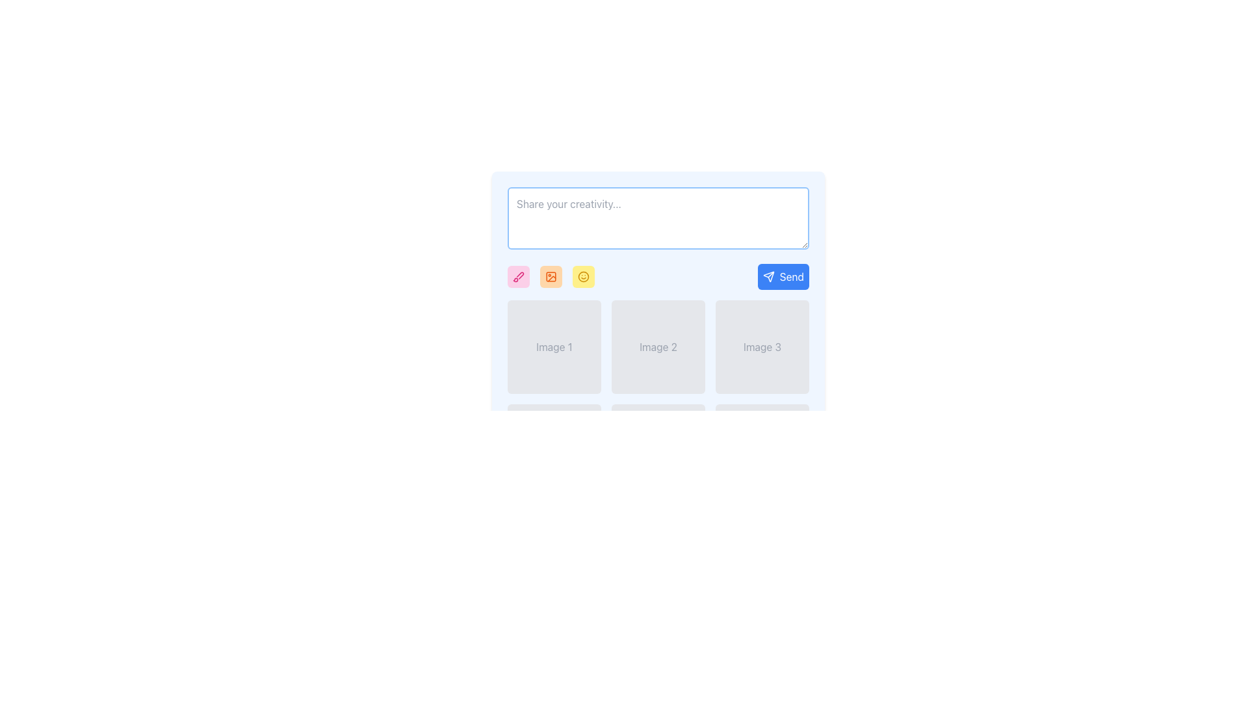 The height and width of the screenshot is (702, 1248). I want to click on the light orange button with an image frame icon, which is the second button in the row beneath the input box labeled 'Share your creativity...', so click(551, 276).